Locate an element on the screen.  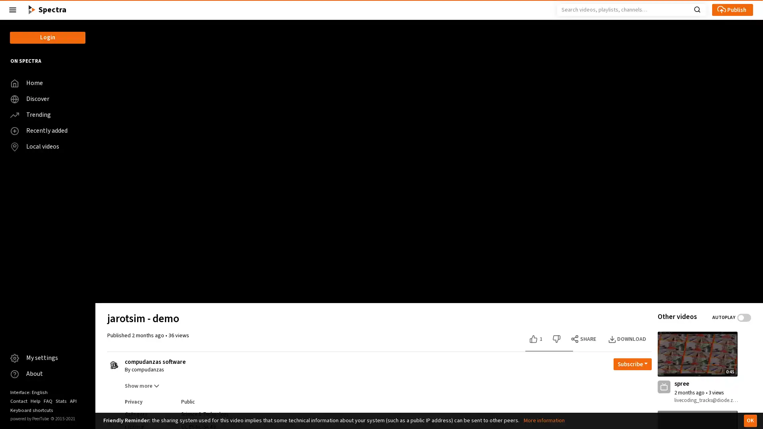
Dislike this video is located at coordinates (556, 339).